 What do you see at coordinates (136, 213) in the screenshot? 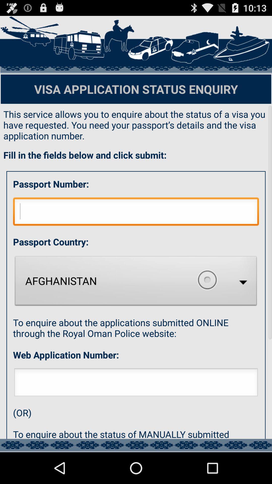
I see `shows enter passport number area` at bounding box center [136, 213].